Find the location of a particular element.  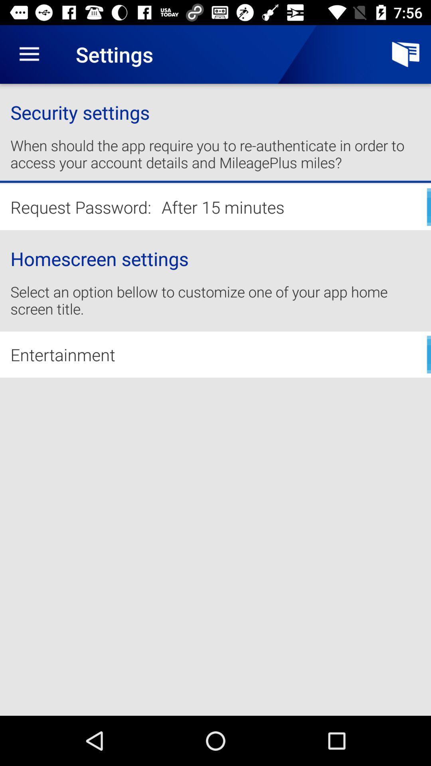

icon above security settings item is located at coordinates (406, 54).